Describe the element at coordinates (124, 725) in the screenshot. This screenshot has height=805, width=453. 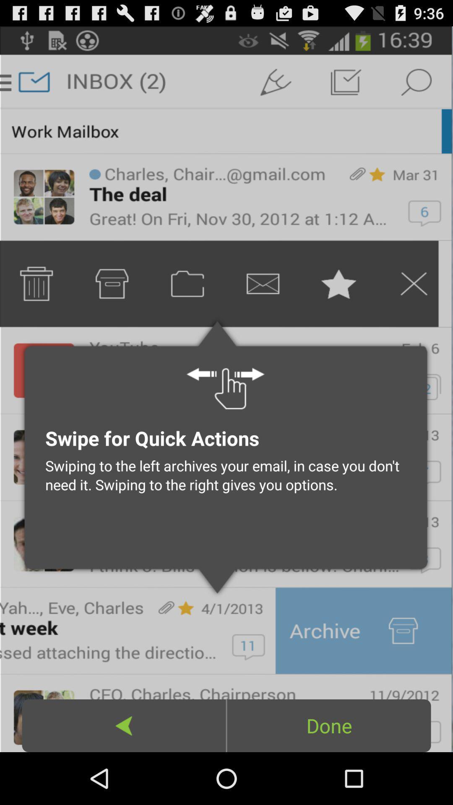
I see `the icon below the swiping to the icon` at that location.